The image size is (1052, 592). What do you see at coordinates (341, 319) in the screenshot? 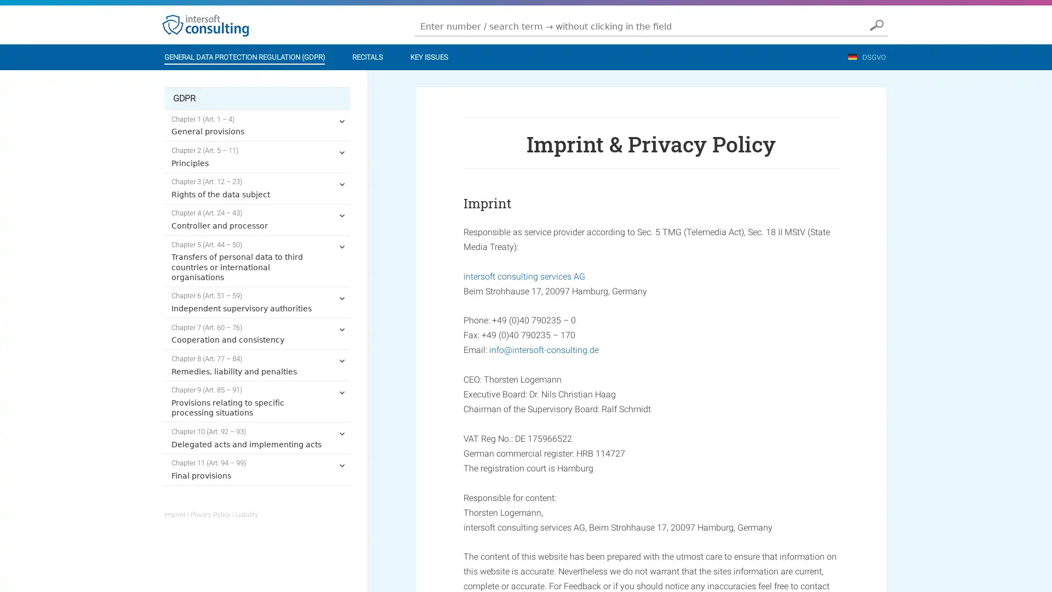
I see `expand child menu` at bounding box center [341, 319].